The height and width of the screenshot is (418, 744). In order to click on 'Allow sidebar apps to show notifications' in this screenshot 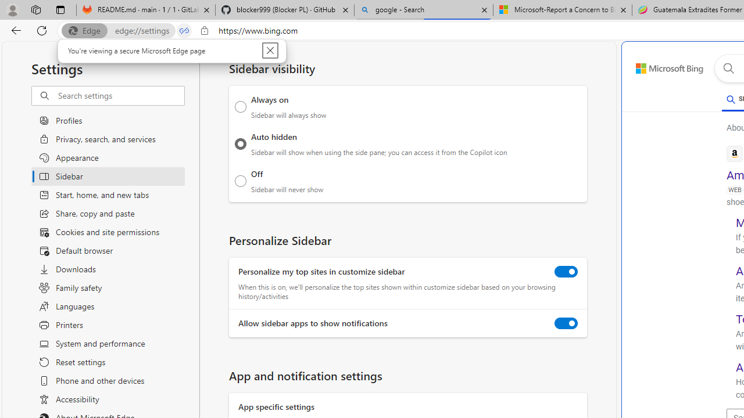, I will do `click(566, 323)`.